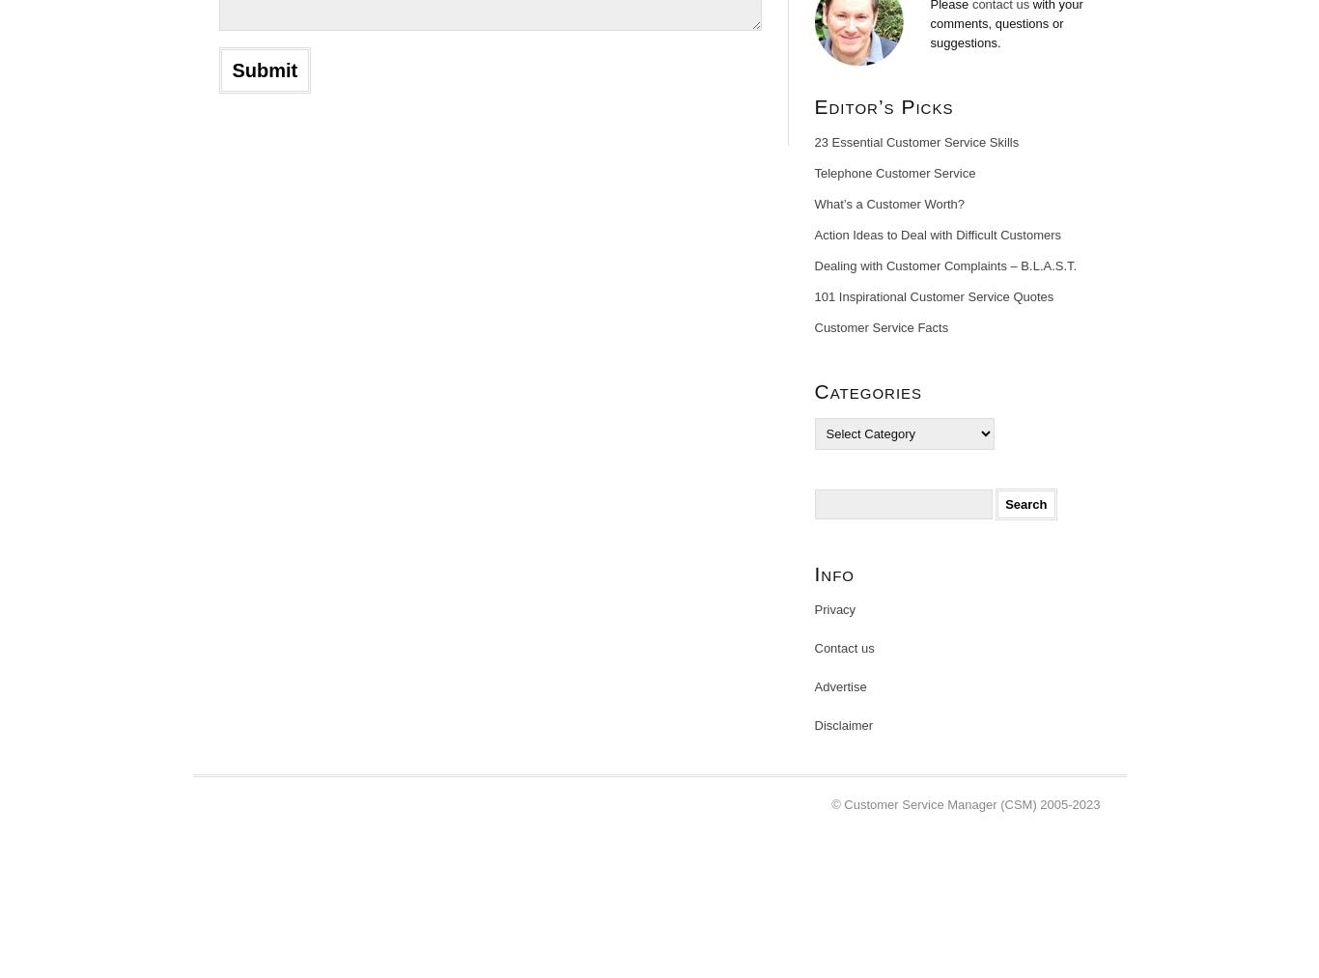 The width and height of the screenshot is (1319, 978). I want to click on 'Action Ideas to Deal with Difficult Customers', so click(937, 234).